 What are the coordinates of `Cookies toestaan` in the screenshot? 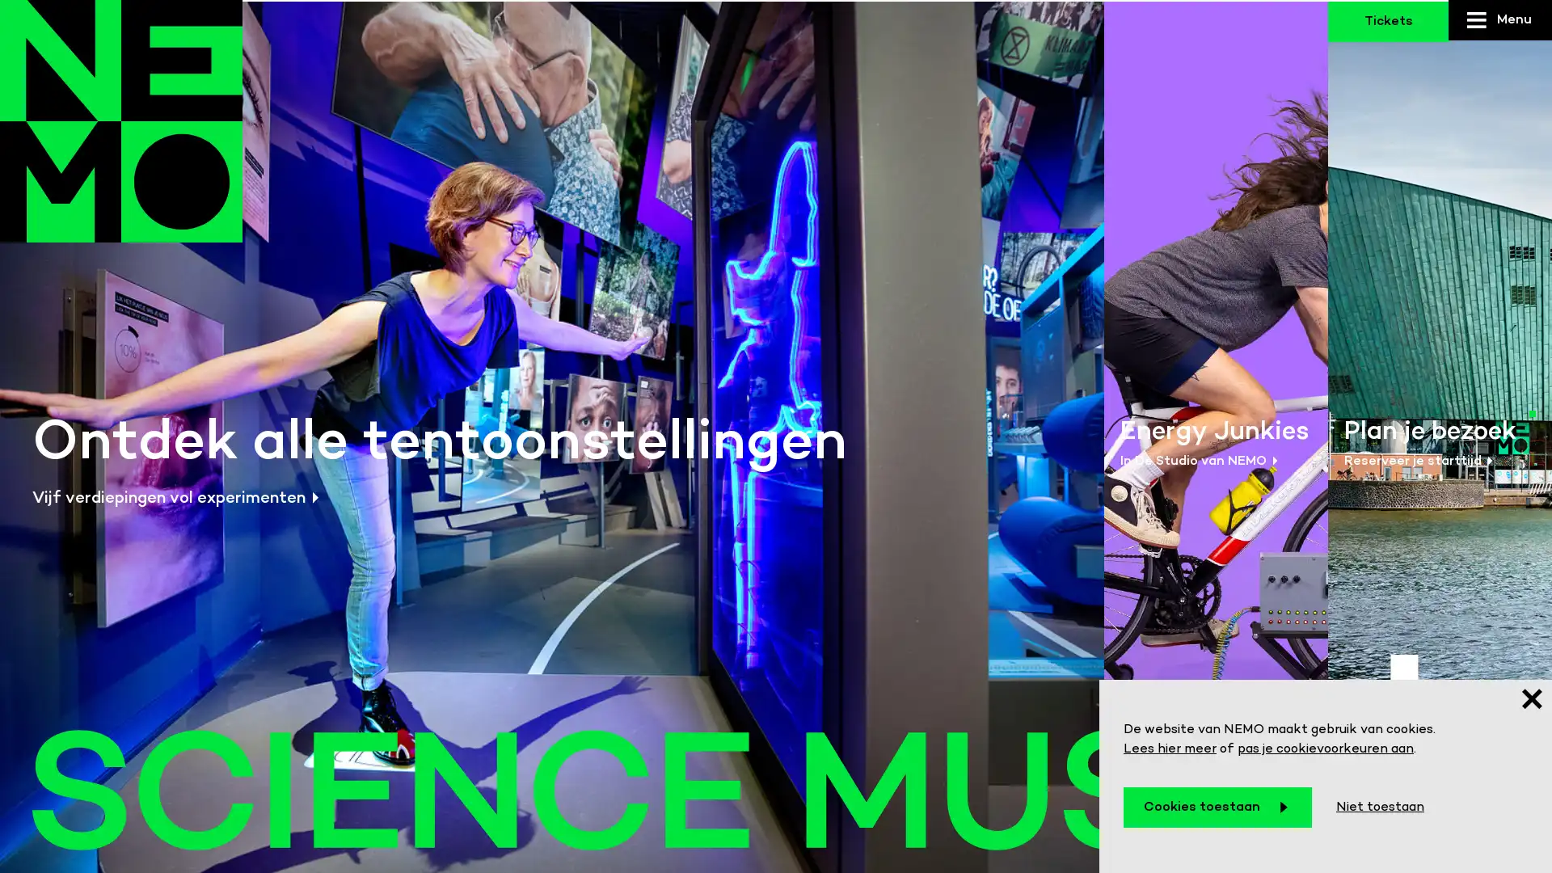 It's located at (1217, 808).